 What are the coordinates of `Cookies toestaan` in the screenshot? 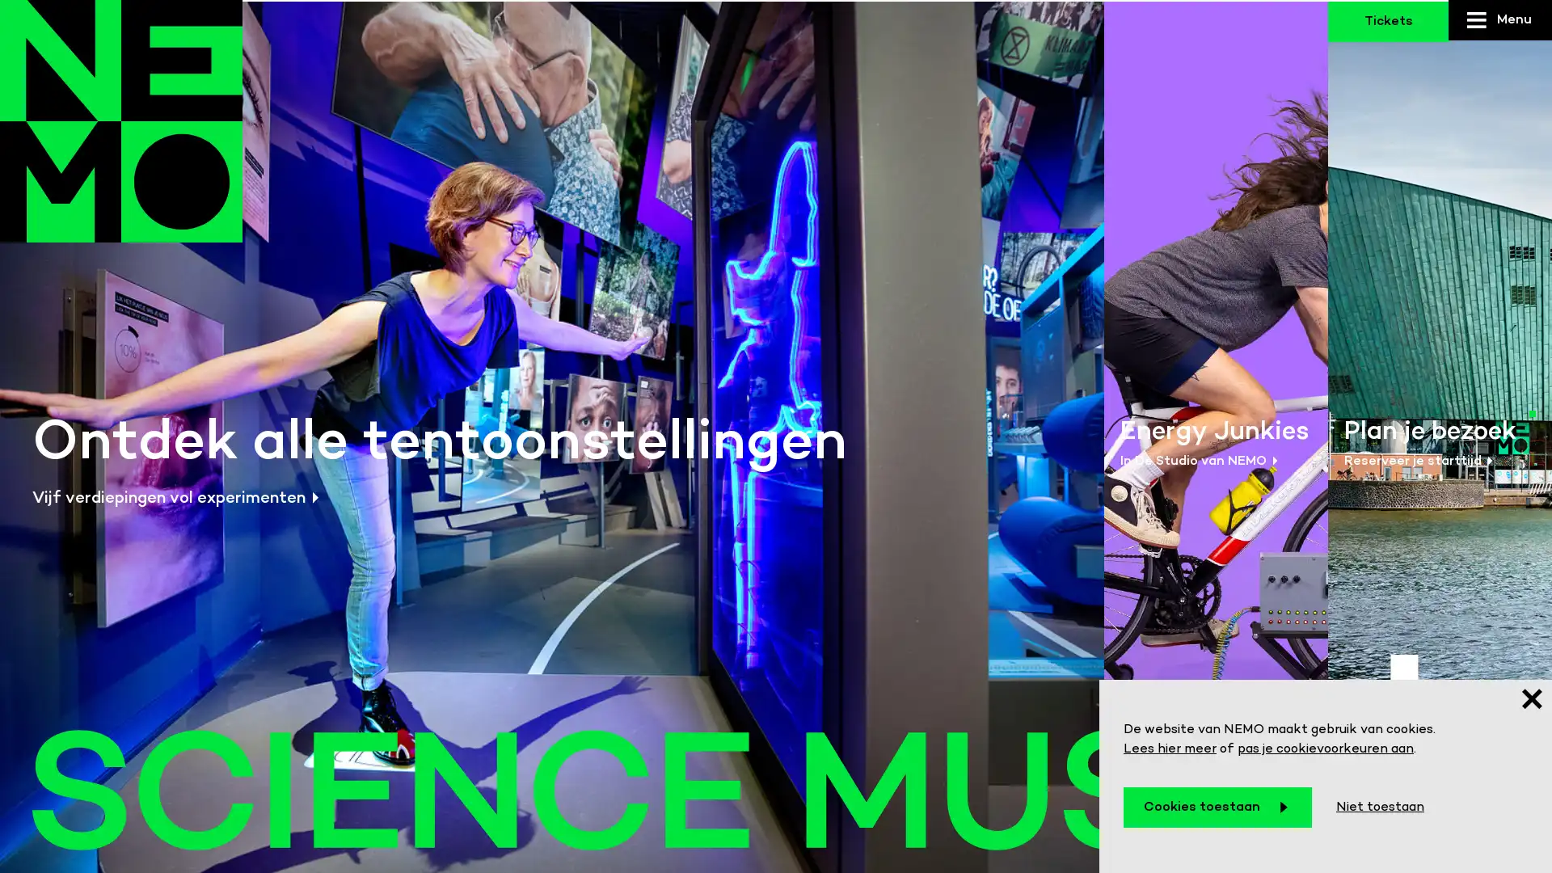 It's located at (1217, 808).